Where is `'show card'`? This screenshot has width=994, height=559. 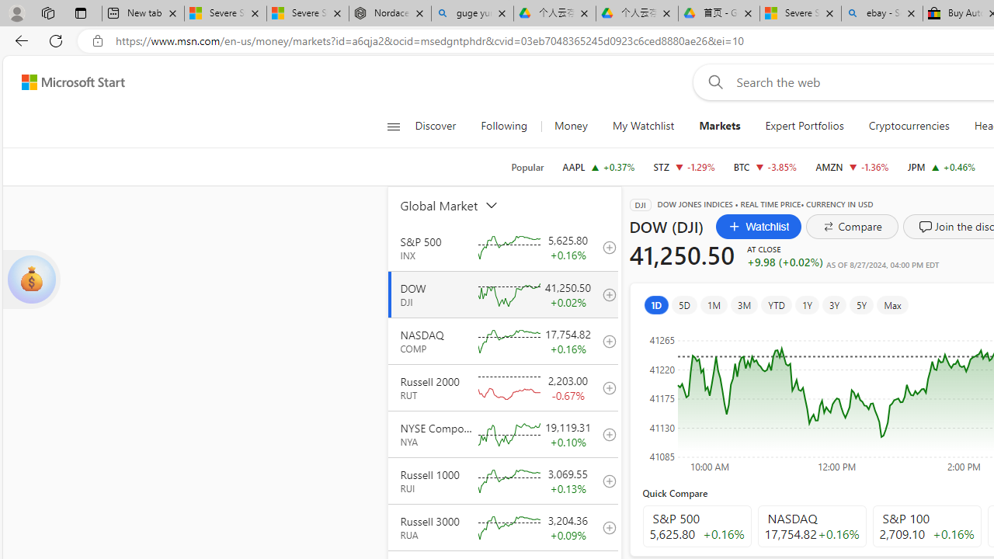 'show card' is located at coordinates (31, 279).